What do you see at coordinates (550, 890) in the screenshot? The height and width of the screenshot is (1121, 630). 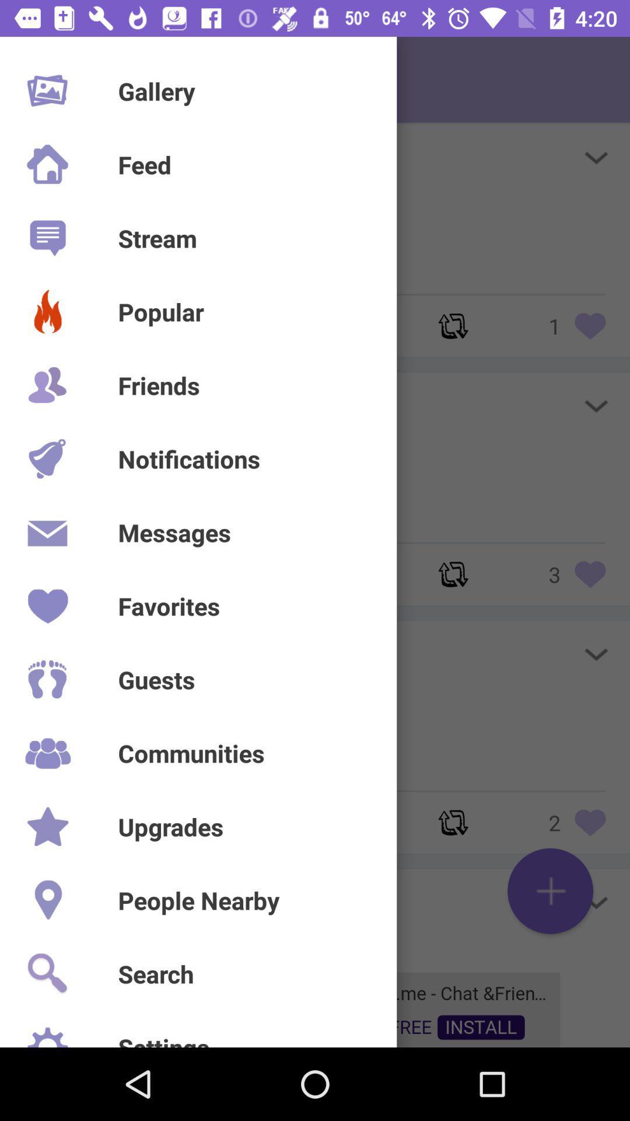 I see `the add icon` at bounding box center [550, 890].